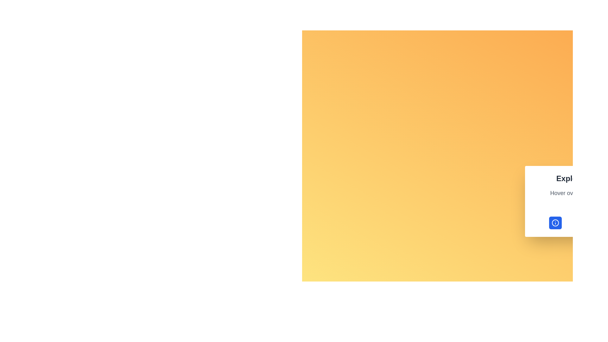 The height and width of the screenshot is (342, 608). I want to click on the information vector icon located at the lower right side of the user interface, which is styled to represent information and serves as an interactive button, so click(555, 223).